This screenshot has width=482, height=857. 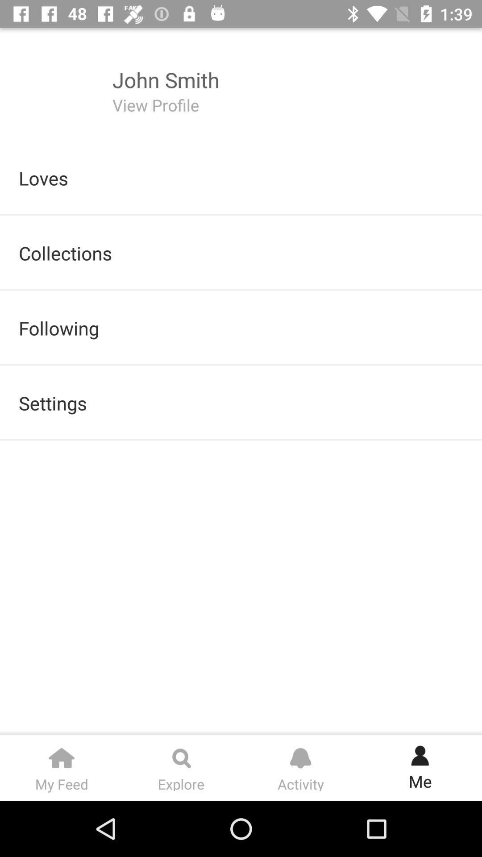 I want to click on the icon left to the text john smith, so click(x=56, y=84).